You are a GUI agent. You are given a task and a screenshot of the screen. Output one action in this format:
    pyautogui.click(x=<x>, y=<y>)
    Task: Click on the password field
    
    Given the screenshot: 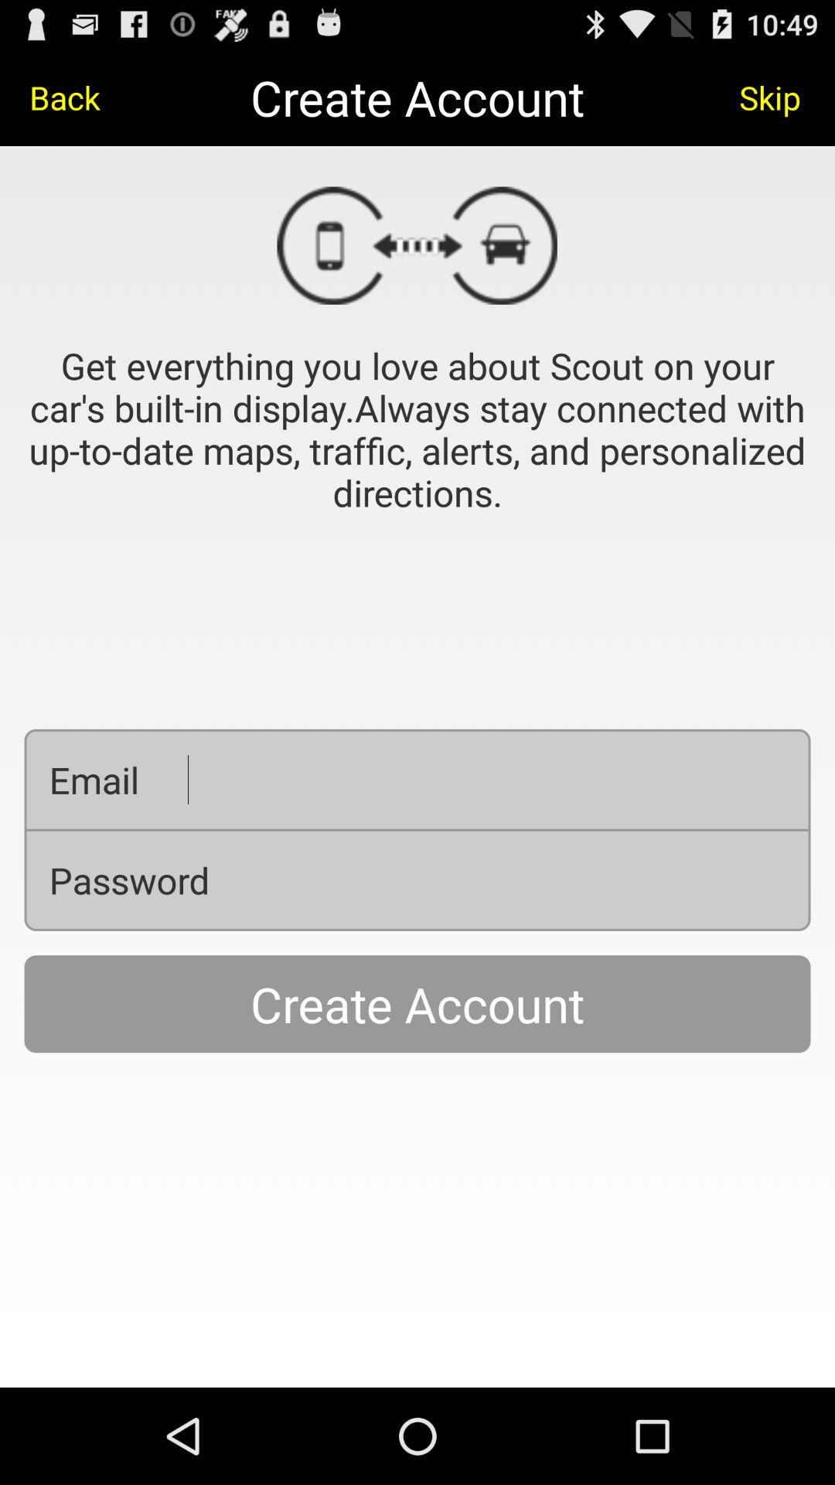 What is the action you would take?
    pyautogui.click(x=522, y=880)
    